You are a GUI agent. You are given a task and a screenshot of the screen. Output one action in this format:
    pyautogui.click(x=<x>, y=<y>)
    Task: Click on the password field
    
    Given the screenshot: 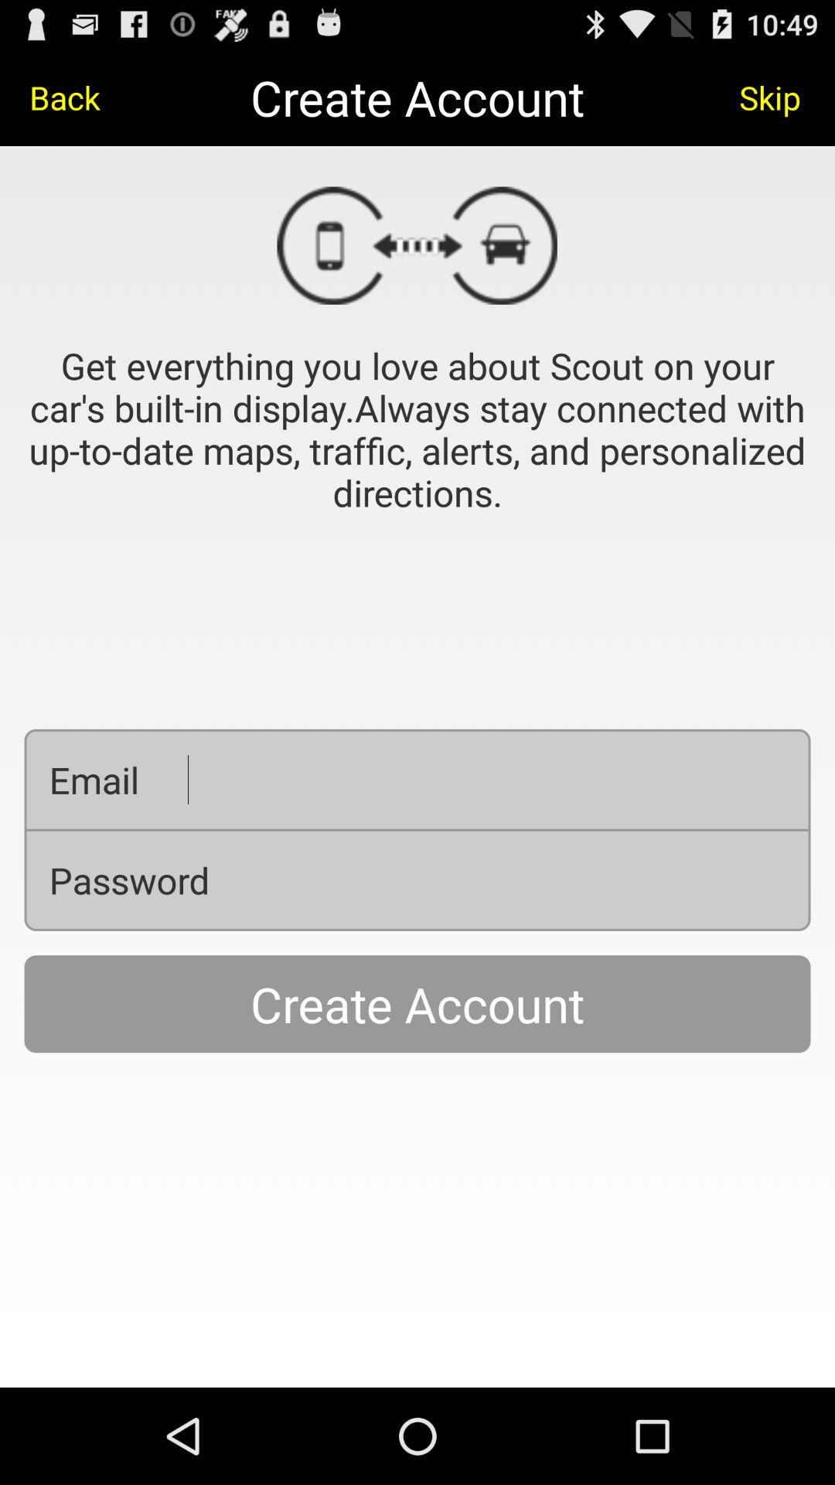 What is the action you would take?
    pyautogui.click(x=522, y=880)
    